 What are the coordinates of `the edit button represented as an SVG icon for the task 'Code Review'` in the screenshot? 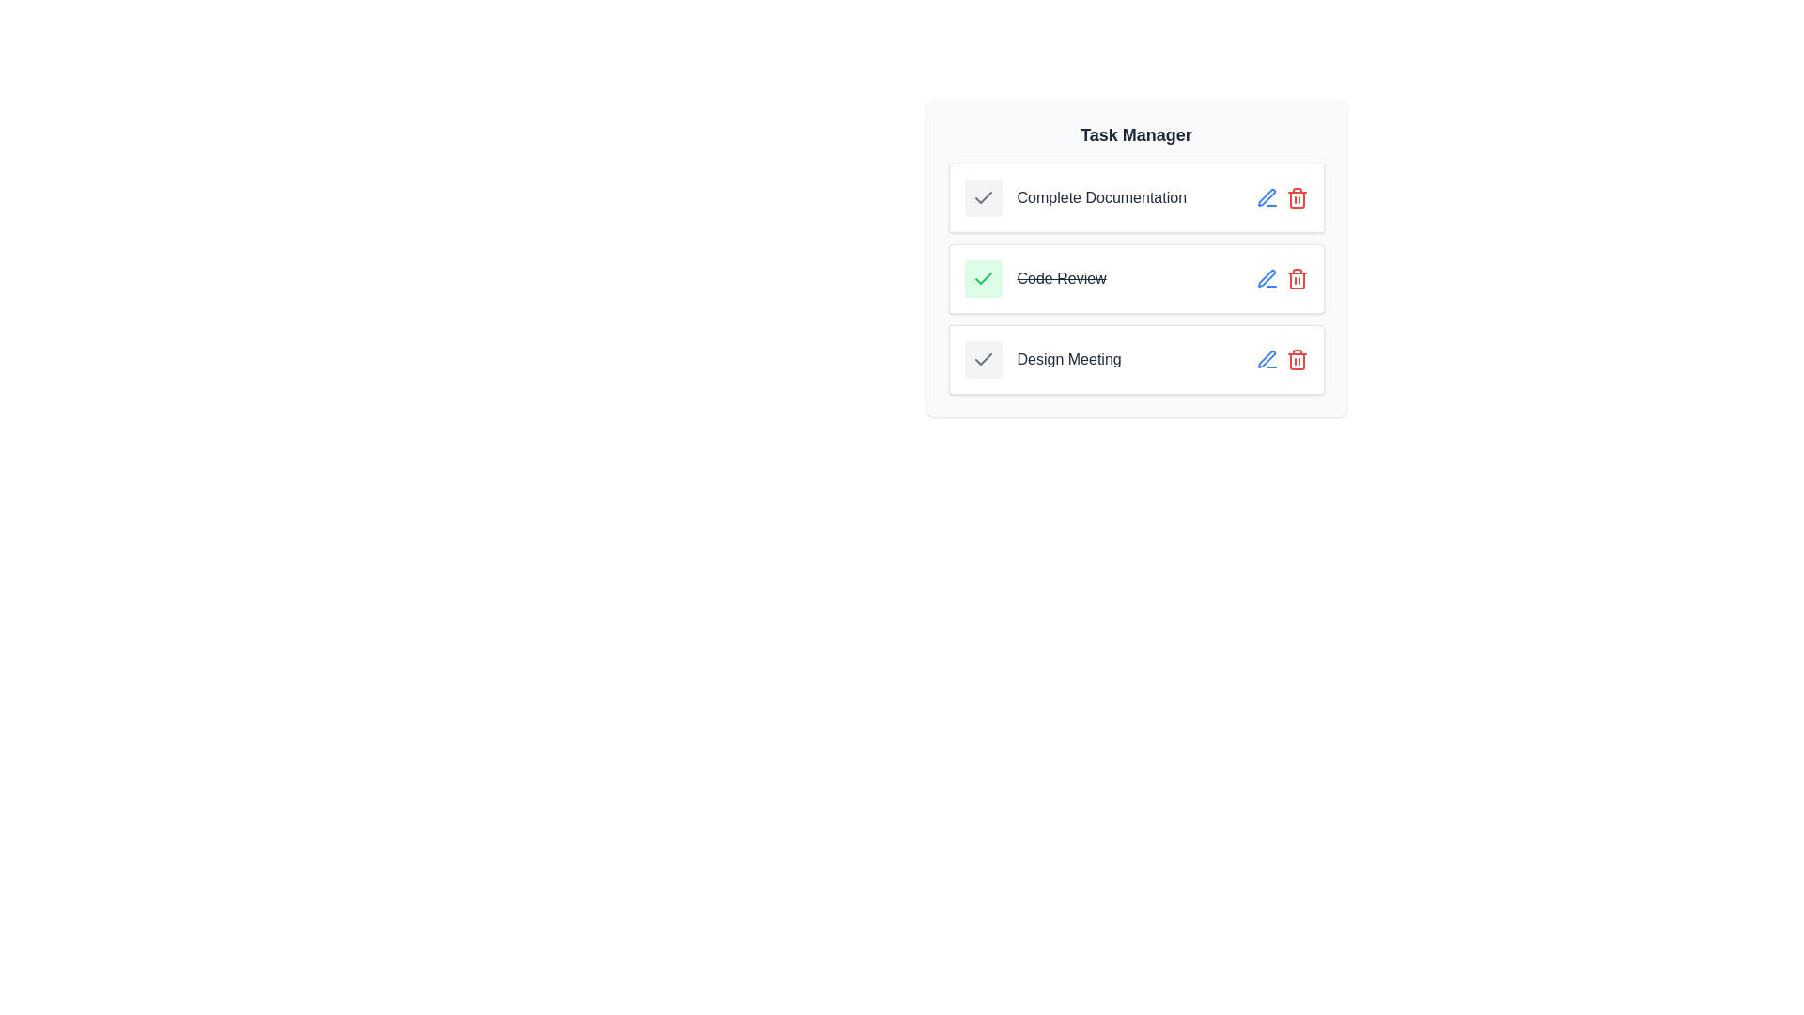 It's located at (1267, 359).